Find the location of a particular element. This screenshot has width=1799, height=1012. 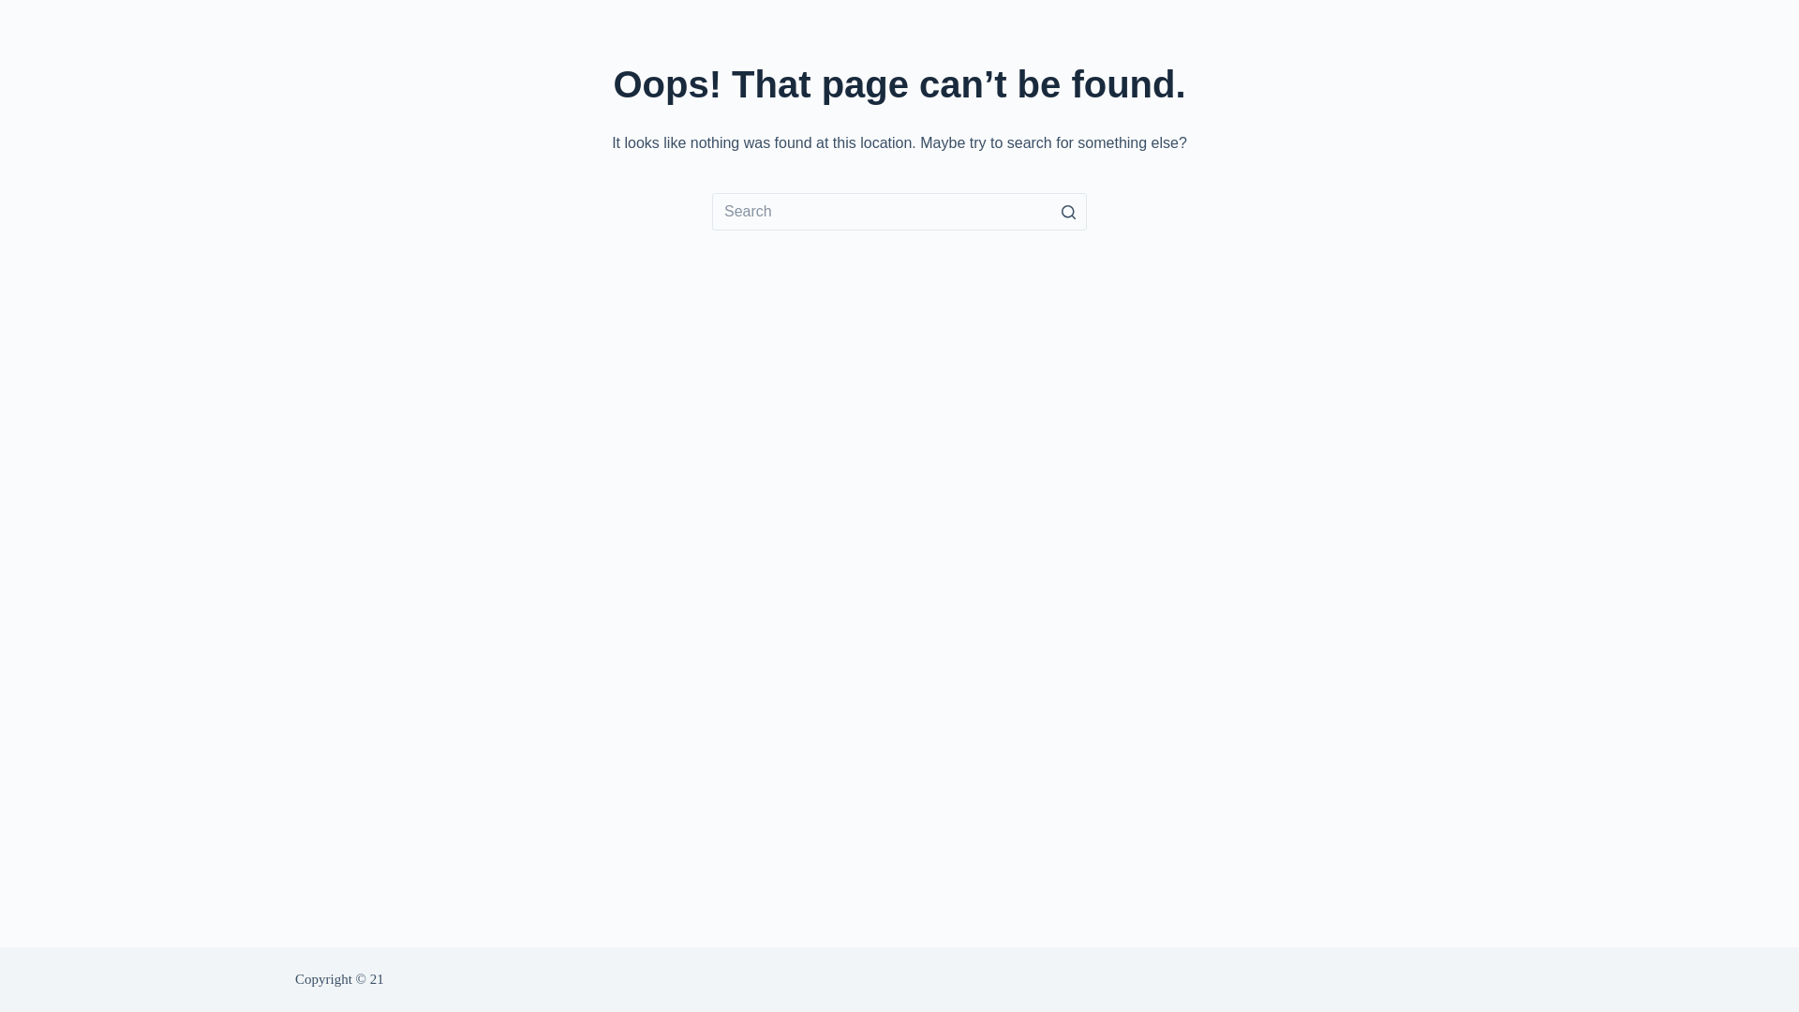

'Skip to content' is located at coordinates (18, 9).